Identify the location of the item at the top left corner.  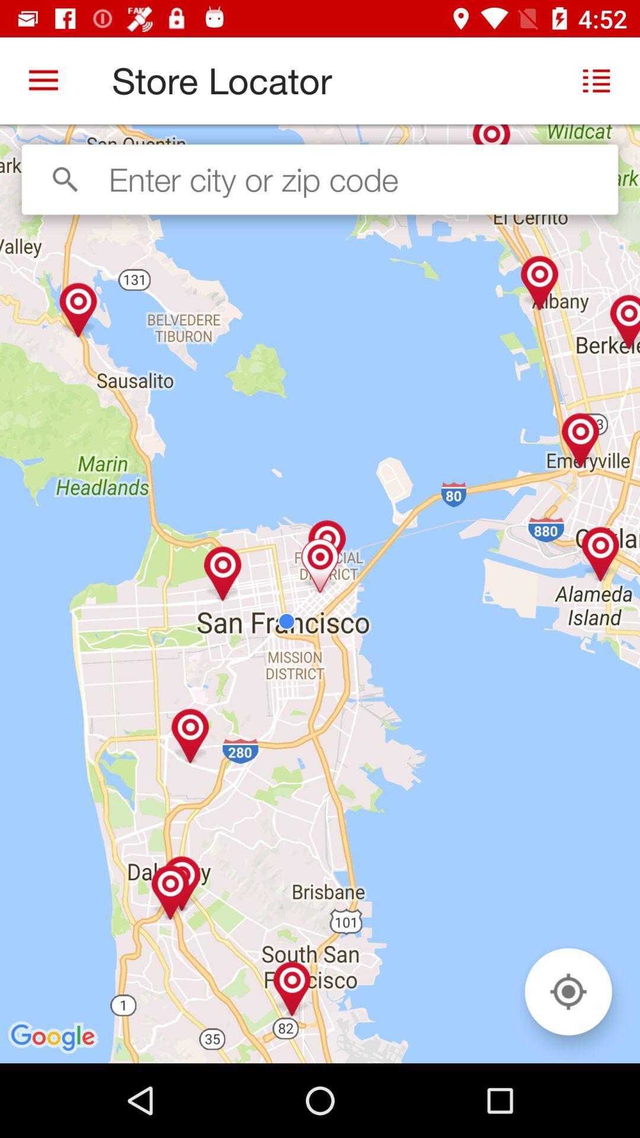
(43, 80).